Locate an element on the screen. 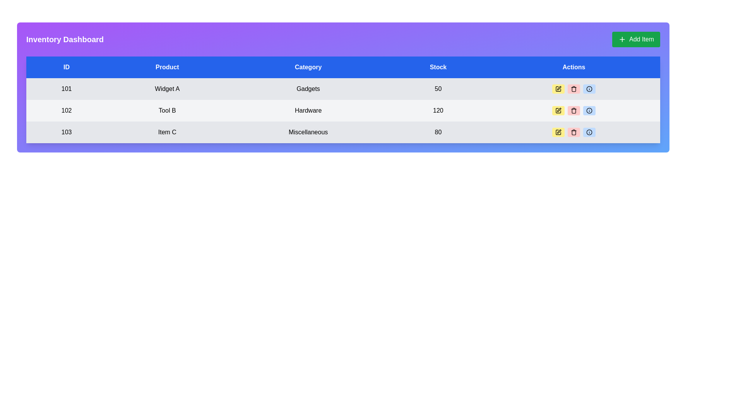 This screenshot has height=418, width=743. the Data cell displaying the number '50' in the fourth column under the 'Stock' column, which is located in the first data row across the 'Gadgets' row is located at coordinates (438, 89).